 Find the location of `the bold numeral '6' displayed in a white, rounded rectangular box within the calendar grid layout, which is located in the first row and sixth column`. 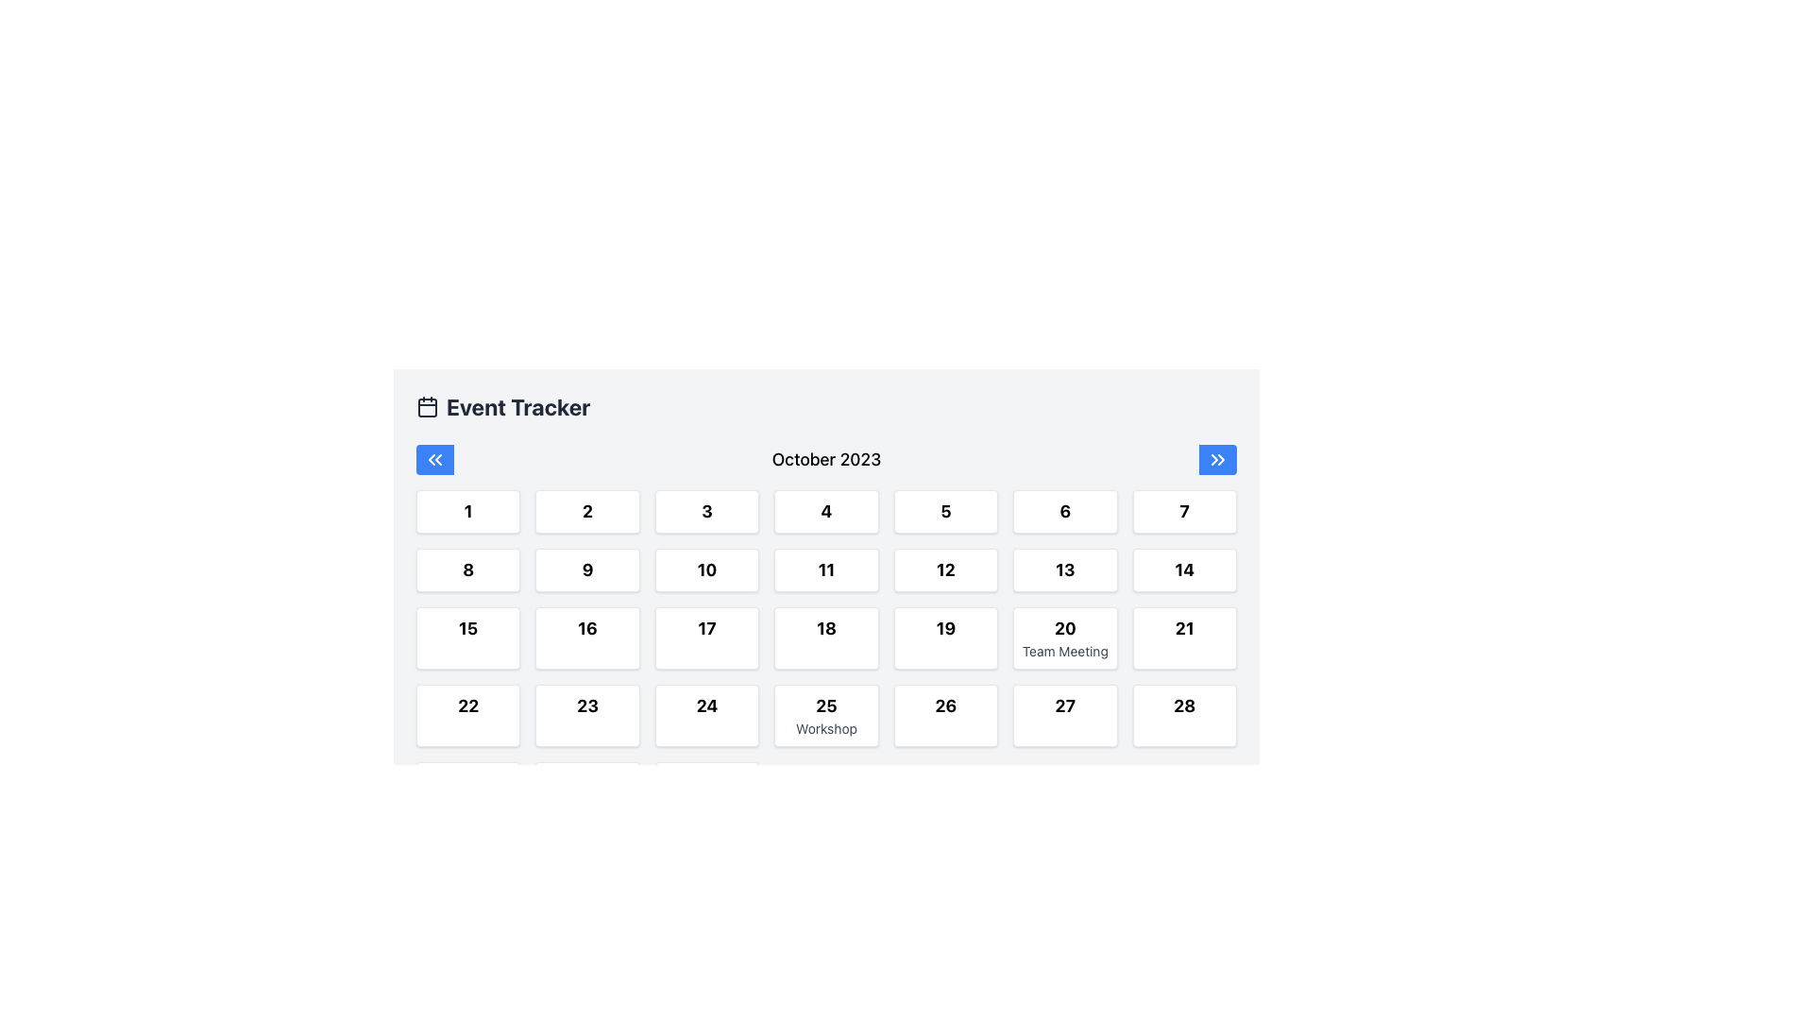

the bold numeral '6' displayed in a white, rounded rectangular box within the calendar grid layout, which is located in the first row and sixth column is located at coordinates (1065, 512).